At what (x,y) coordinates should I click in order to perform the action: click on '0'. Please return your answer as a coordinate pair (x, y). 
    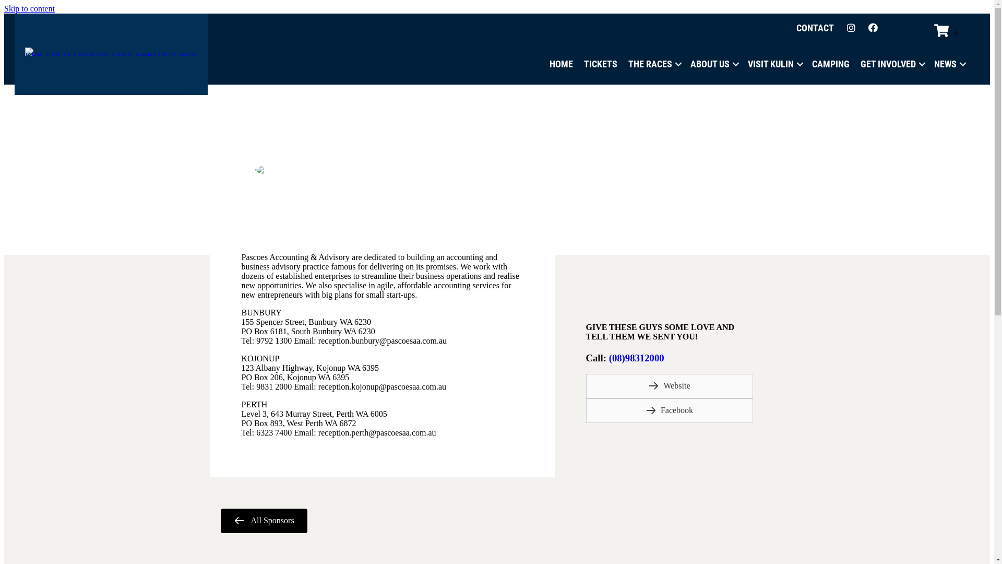
    Looking at the image, I should click on (947, 31).